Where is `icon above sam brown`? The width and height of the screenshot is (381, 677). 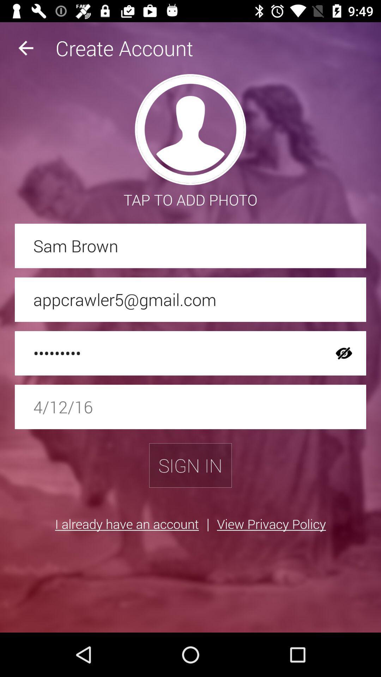 icon above sam brown is located at coordinates (25, 48).